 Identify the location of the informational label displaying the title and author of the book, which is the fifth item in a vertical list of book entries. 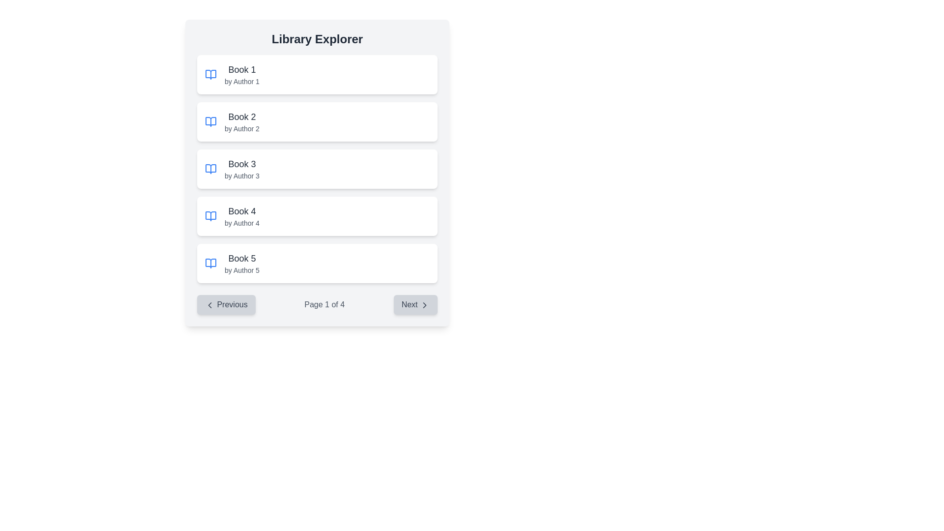
(242, 263).